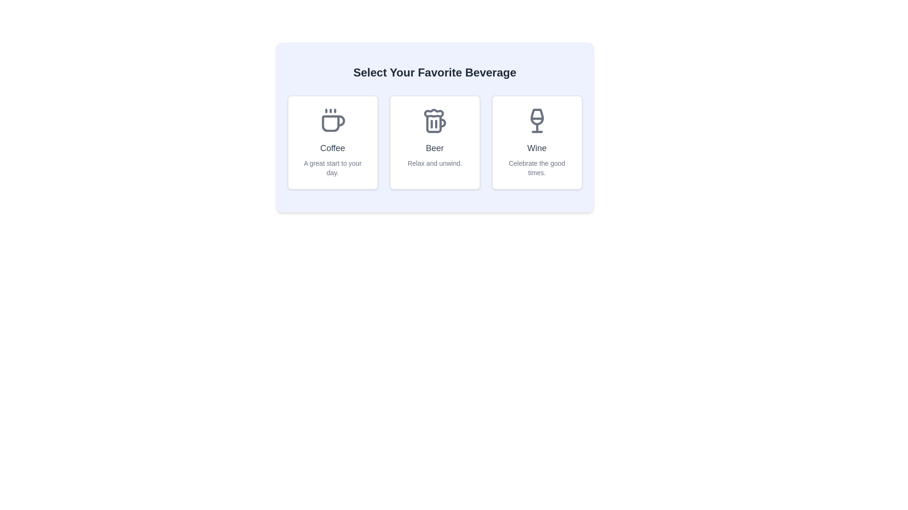 The image size is (908, 510). Describe the element at coordinates (434, 163) in the screenshot. I see `the descriptive text label for the 'Beer' option, which is centrally located at the bottom of the 'Beer' card among three displayed cards` at that location.